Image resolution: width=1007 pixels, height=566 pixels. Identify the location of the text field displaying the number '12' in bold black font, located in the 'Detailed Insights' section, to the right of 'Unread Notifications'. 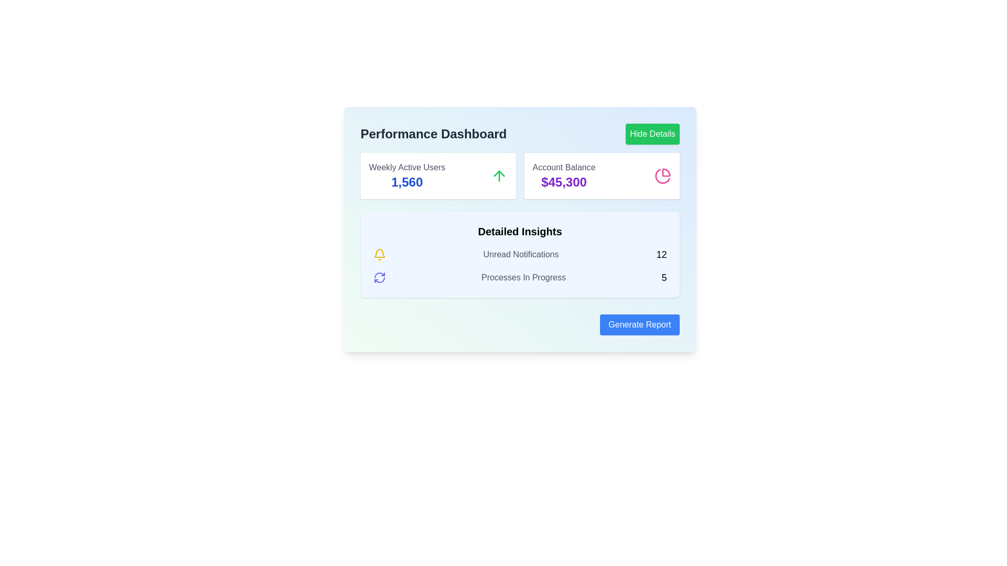
(661, 255).